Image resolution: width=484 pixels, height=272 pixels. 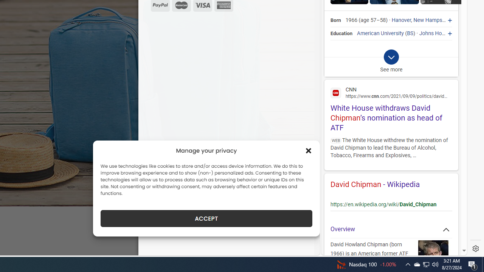 I want to click on 'Class: cmplz-close', so click(x=309, y=150).